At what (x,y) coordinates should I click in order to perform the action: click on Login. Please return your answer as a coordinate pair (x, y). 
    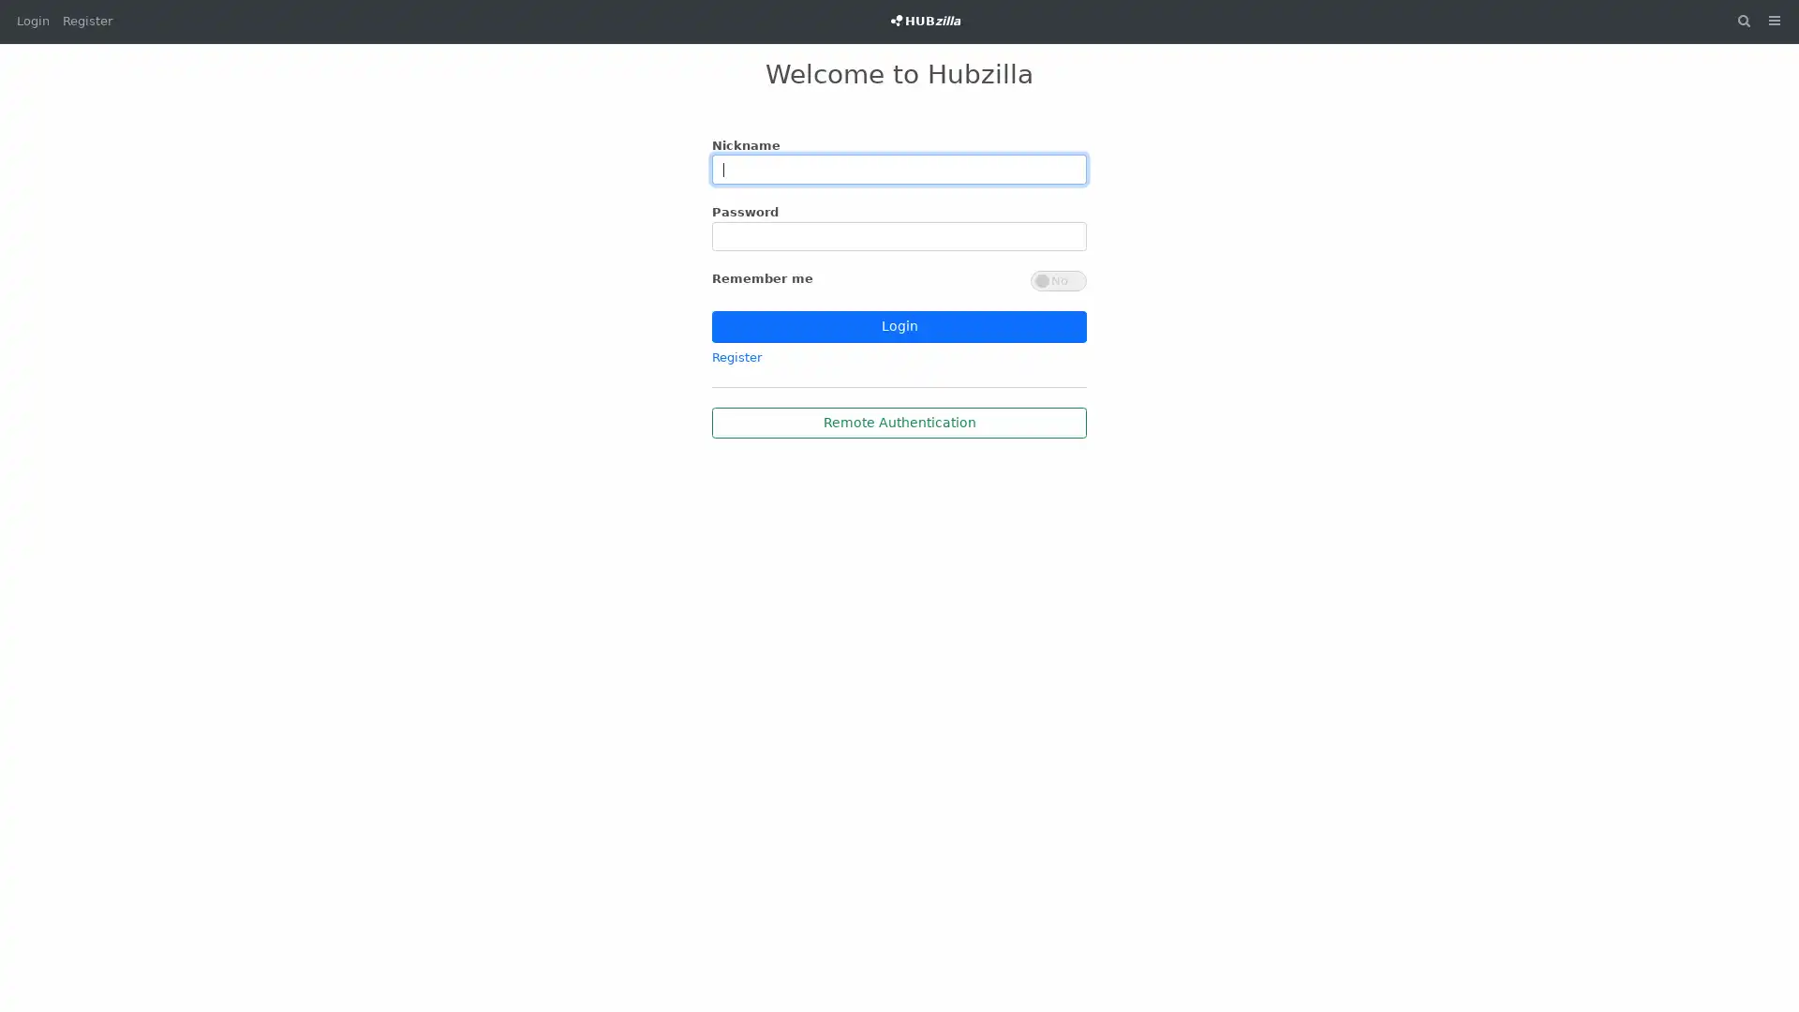
    Looking at the image, I should click on (899, 325).